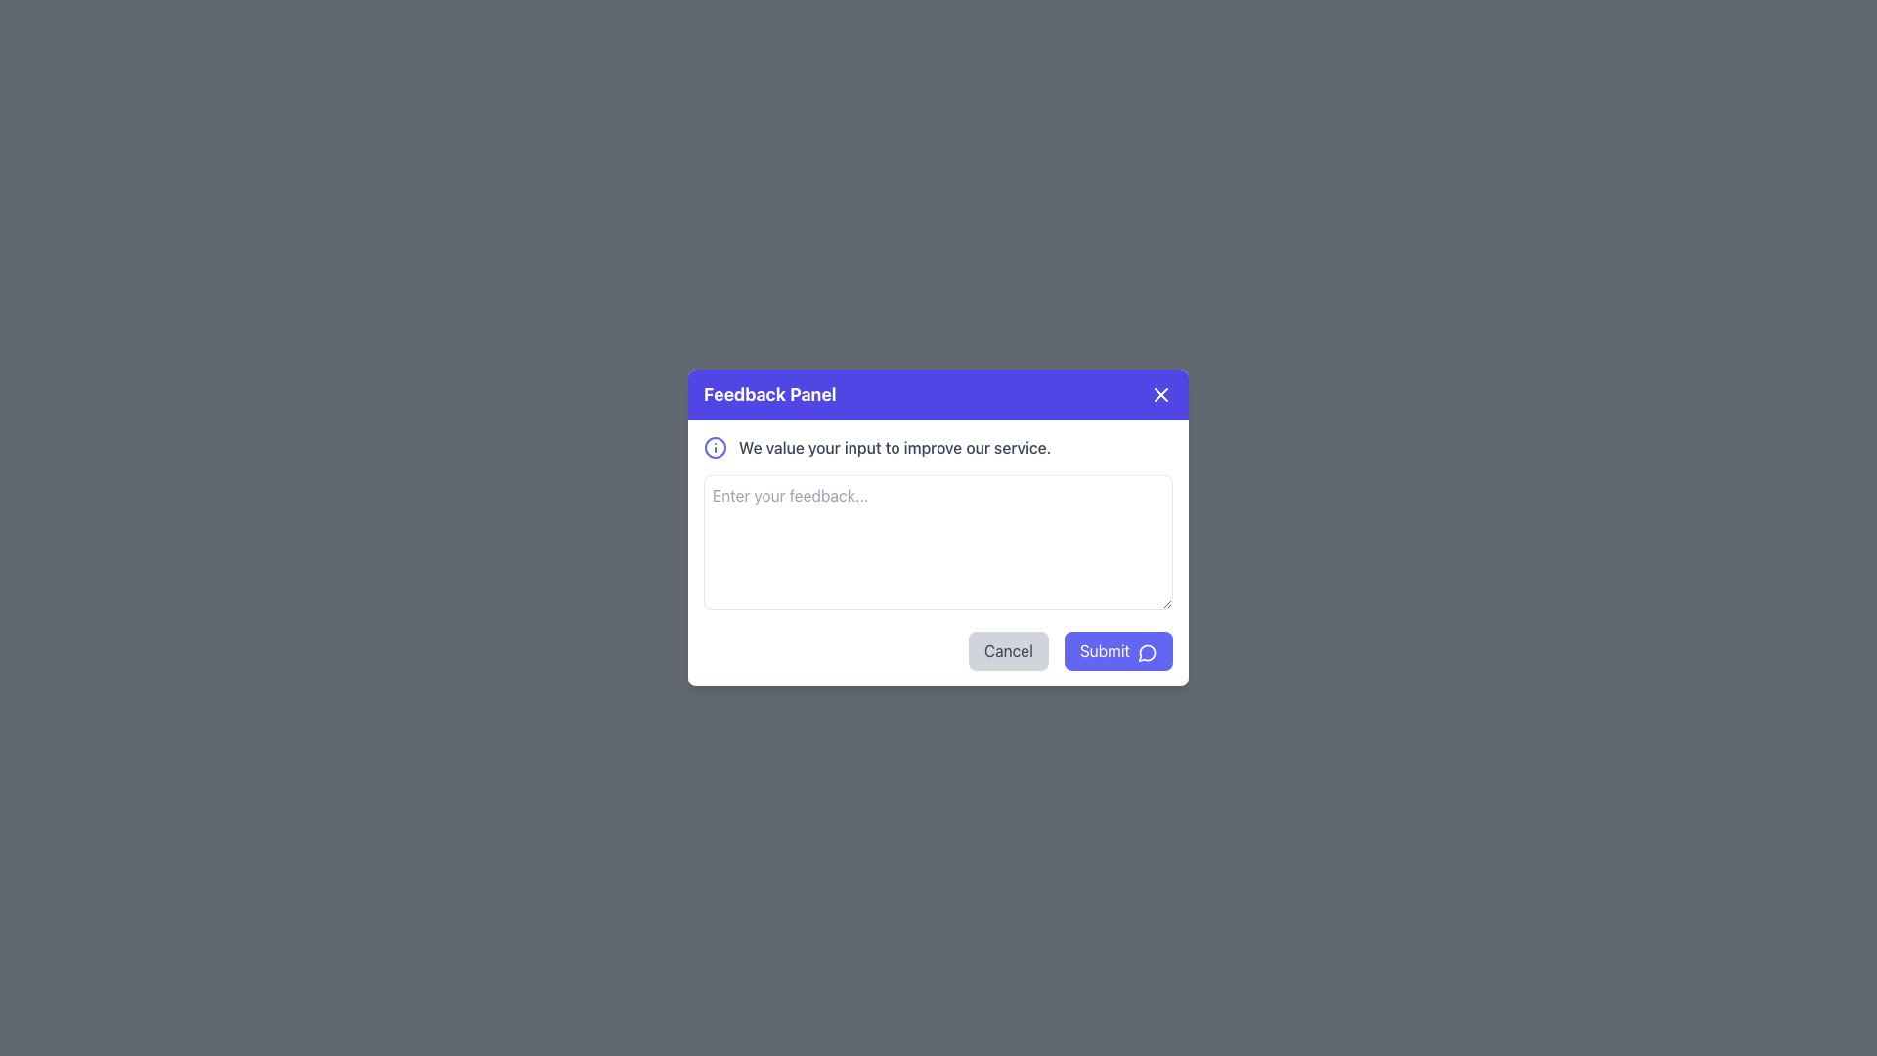  Describe the element at coordinates (938, 448) in the screenshot. I see `the informational text label 'We value your input to improve our service.' which is accompanied by a blue icon with a circular border containing an 'i'. This label is located at the top of the feedback panel, directly below the title 'Feedback Panel'` at that location.